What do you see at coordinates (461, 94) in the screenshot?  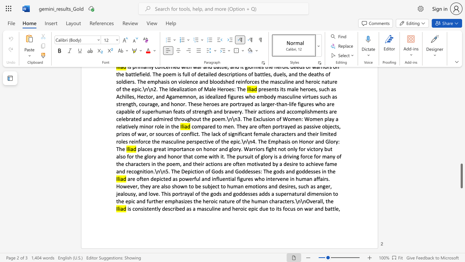 I see `the scrollbar to slide the page up` at bounding box center [461, 94].